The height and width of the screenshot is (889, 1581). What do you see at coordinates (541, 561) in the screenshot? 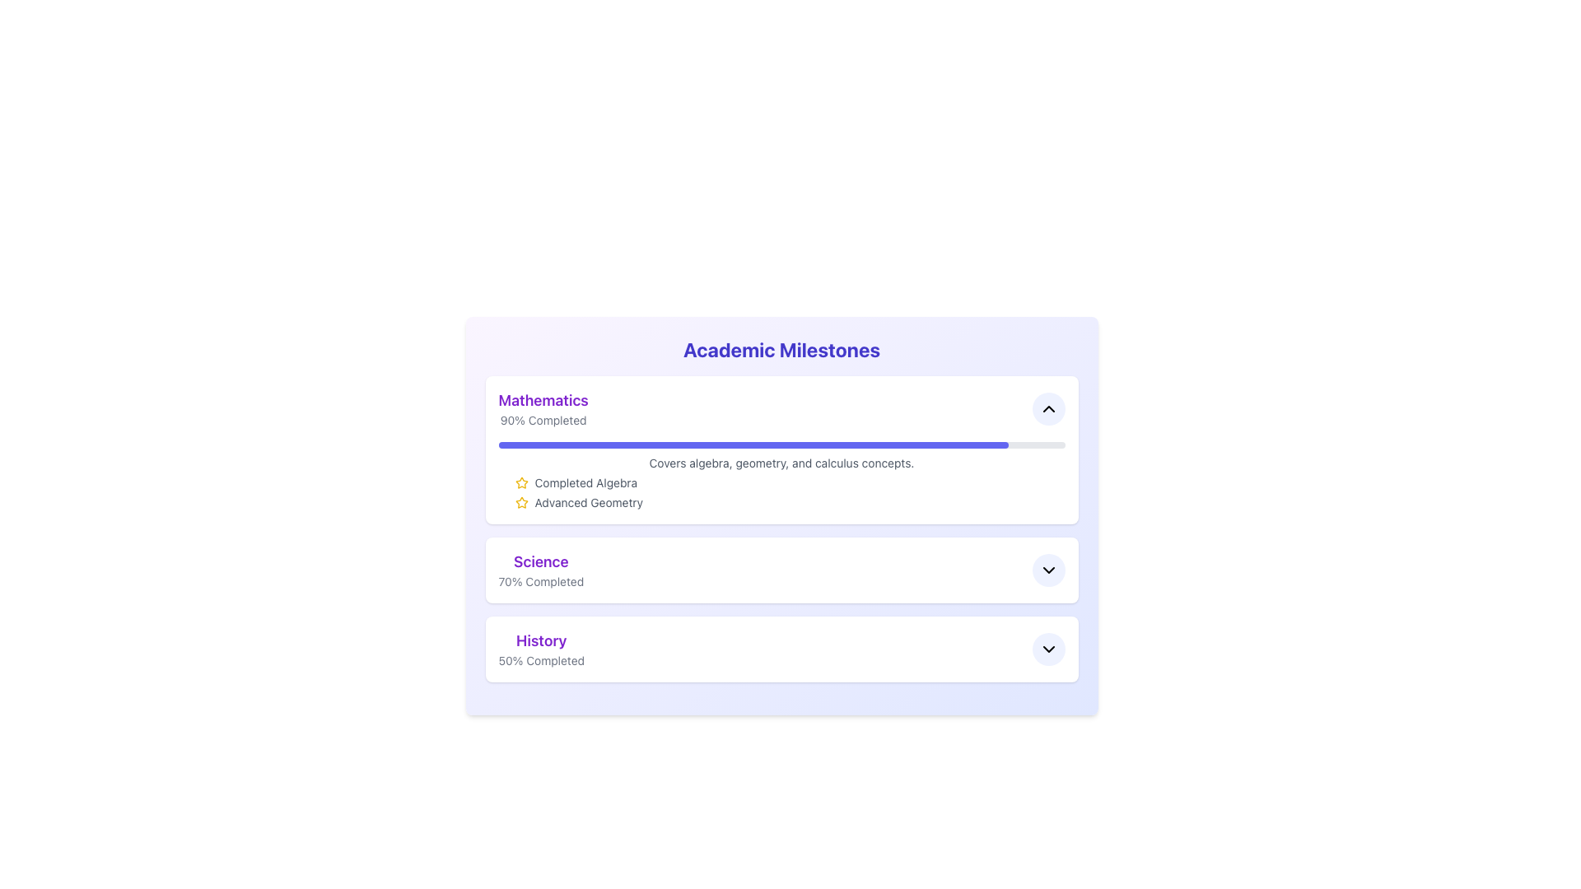
I see `the 'Science' label, which is a bold, large, purple header in the academic milestones listing interface` at bounding box center [541, 561].